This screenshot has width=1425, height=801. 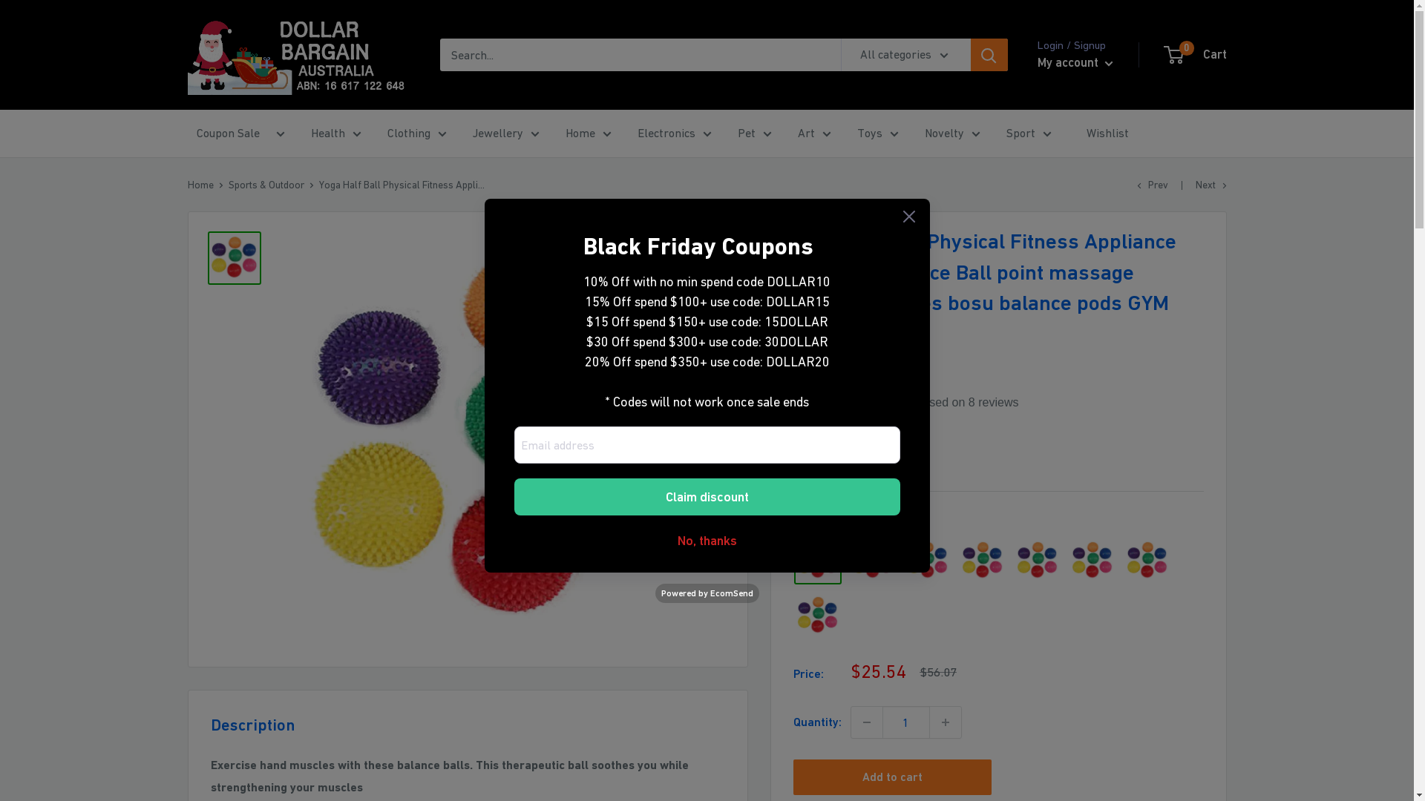 I want to click on '0, so click(x=1196, y=53).